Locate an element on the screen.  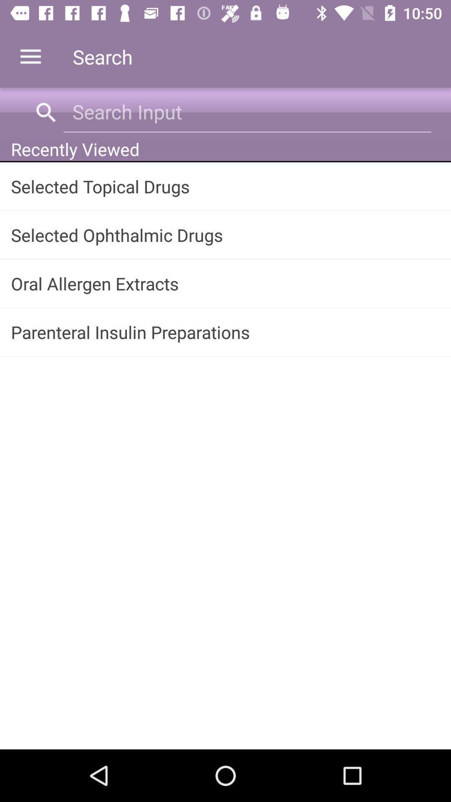
the icon above the selected ophthalmic drugs app is located at coordinates (225, 186).